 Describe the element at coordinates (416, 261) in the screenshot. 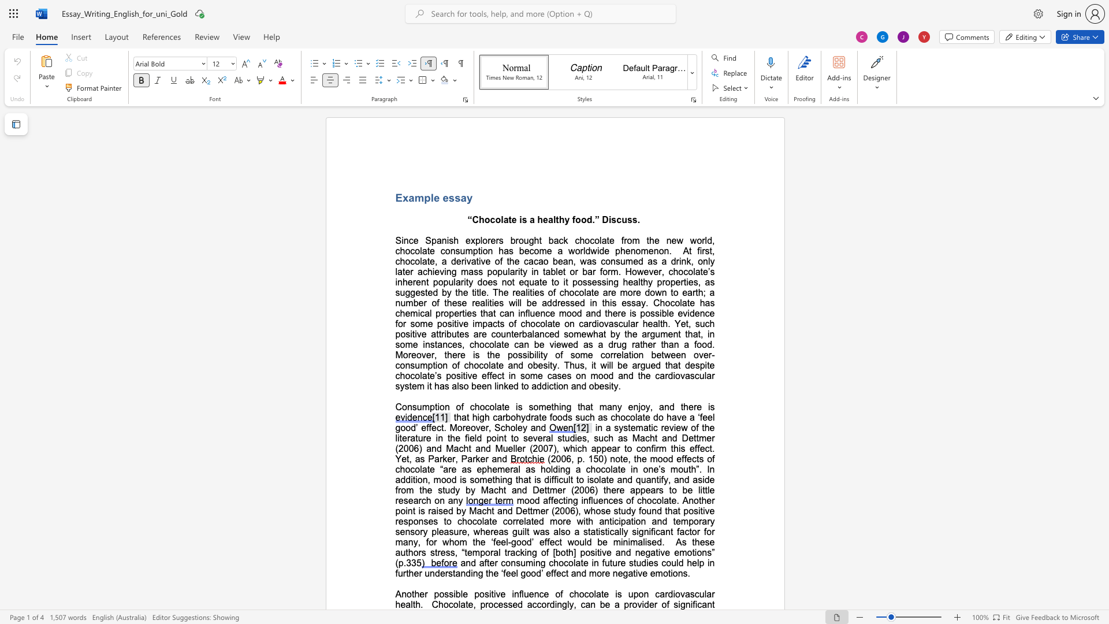

I see `the 2th character "o" in the text` at that location.